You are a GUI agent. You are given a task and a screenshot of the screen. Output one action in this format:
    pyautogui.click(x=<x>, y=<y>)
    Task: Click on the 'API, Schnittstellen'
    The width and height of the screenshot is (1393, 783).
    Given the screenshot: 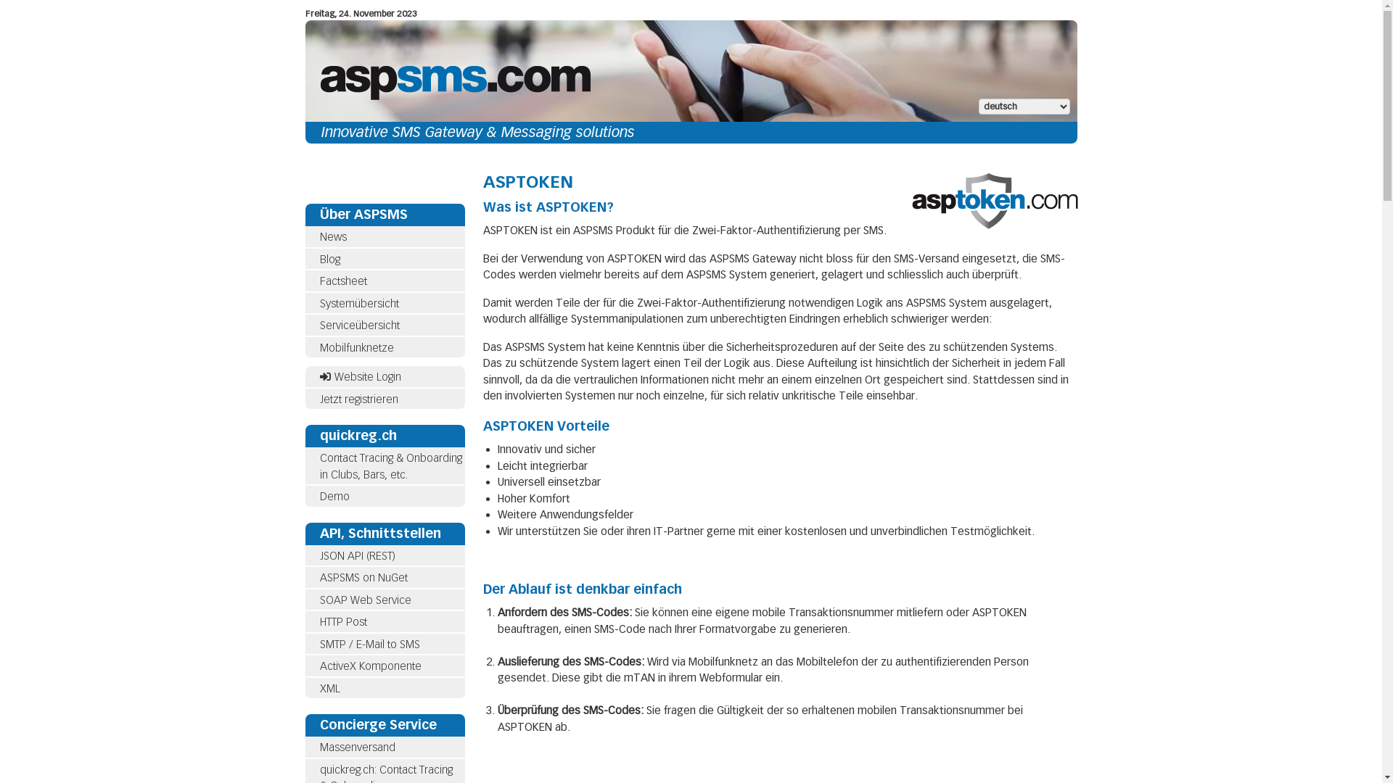 What is the action you would take?
    pyautogui.click(x=319, y=533)
    